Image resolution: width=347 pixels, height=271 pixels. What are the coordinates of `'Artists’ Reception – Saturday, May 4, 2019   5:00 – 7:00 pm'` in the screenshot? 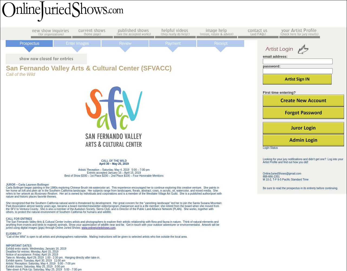 It's located at (113, 170).